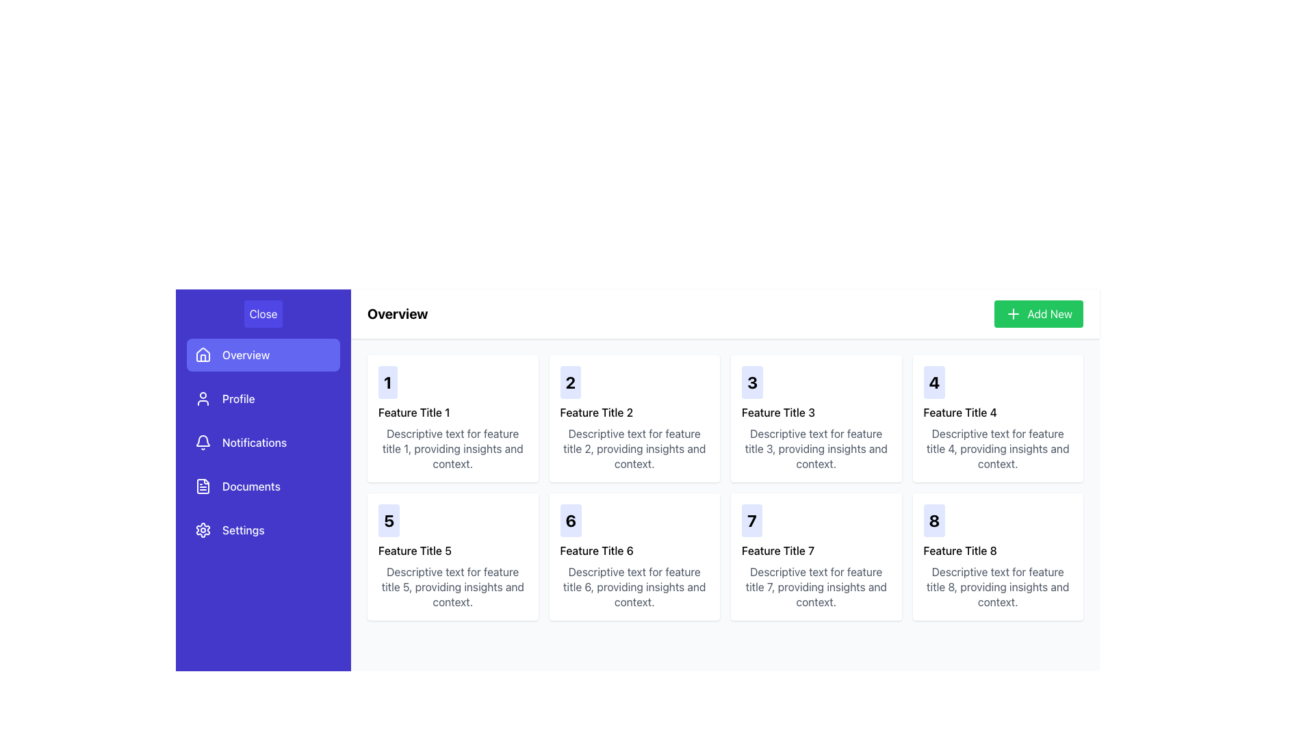 Image resolution: width=1314 pixels, height=739 pixels. What do you see at coordinates (596, 411) in the screenshot?
I see `the title text element located in the second column of the first row within a grid of cards, positioned below the numeral '2' and above descriptive text` at bounding box center [596, 411].